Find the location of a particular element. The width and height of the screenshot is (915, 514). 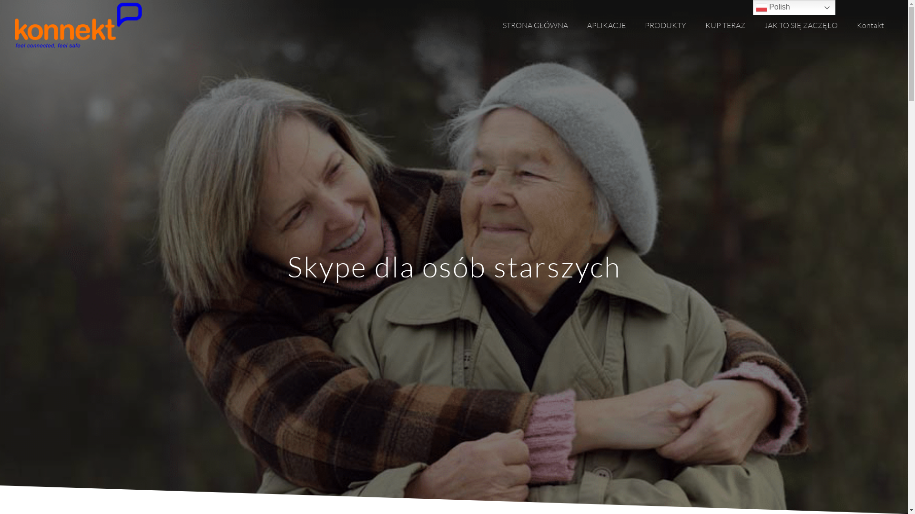

'KUP TERAZ' is located at coordinates (724, 25).